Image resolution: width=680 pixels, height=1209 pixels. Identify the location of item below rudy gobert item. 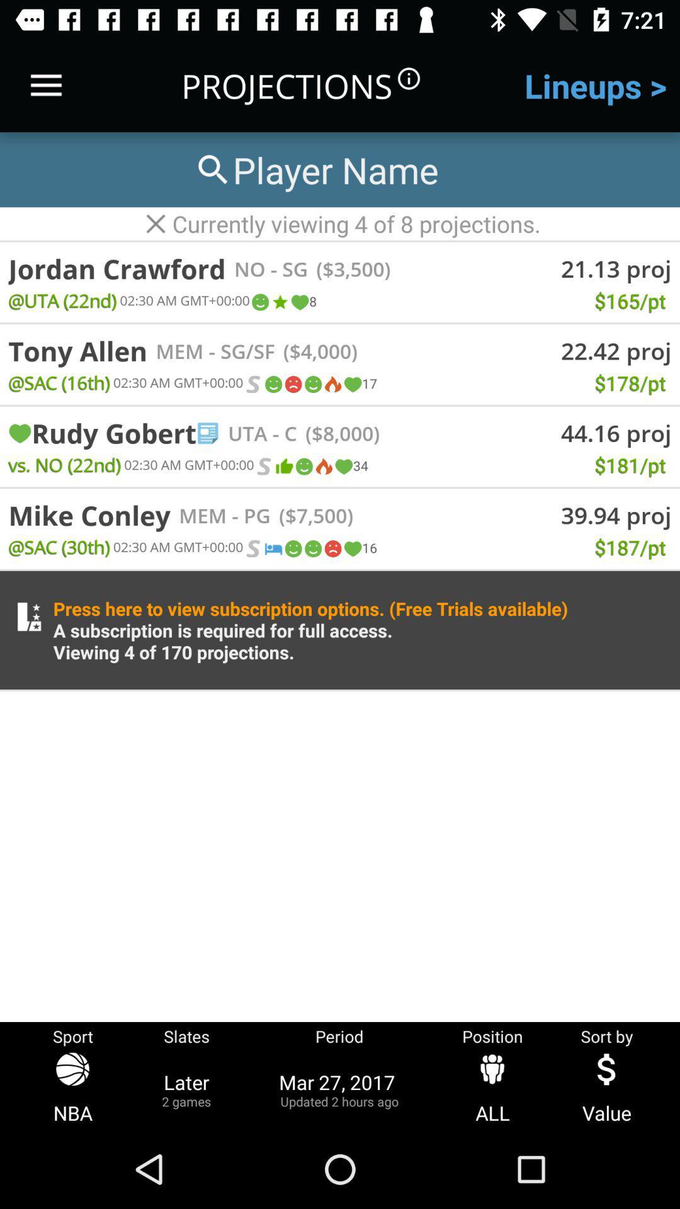
(64, 464).